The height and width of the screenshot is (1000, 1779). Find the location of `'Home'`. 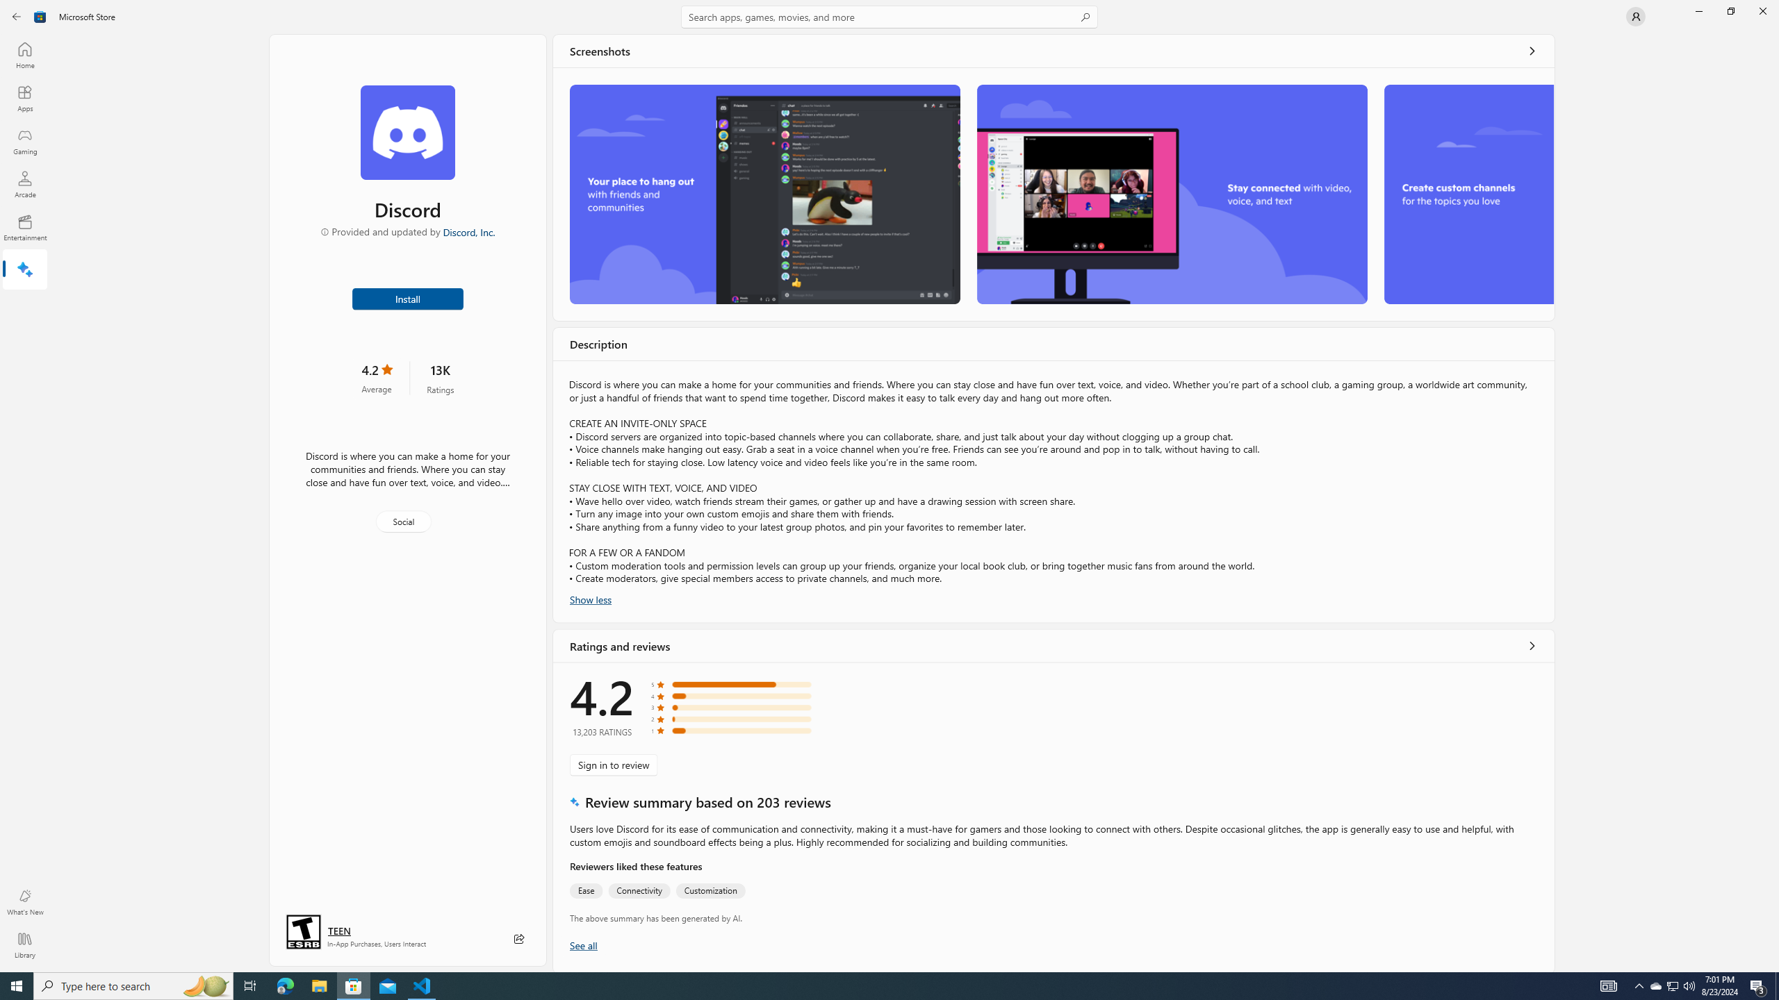

'Home' is located at coordinates (24, 54).